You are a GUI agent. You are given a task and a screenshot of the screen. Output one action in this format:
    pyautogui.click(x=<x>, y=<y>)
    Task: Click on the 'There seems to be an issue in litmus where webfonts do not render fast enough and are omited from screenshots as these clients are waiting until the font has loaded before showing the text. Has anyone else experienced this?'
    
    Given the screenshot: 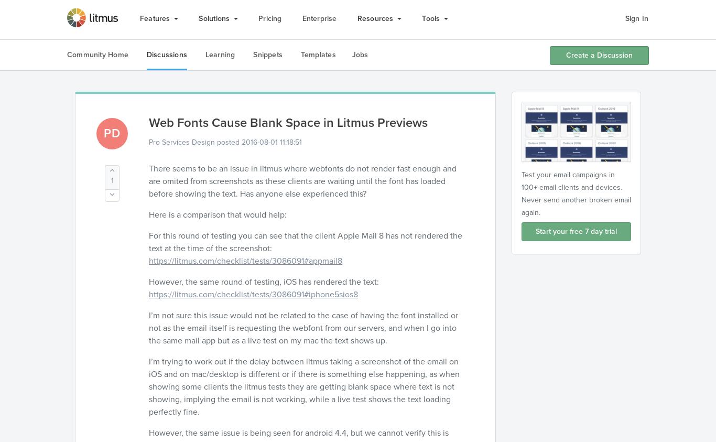 What is the action you would take?
    pyautogui.click(x=302, y=180)
    